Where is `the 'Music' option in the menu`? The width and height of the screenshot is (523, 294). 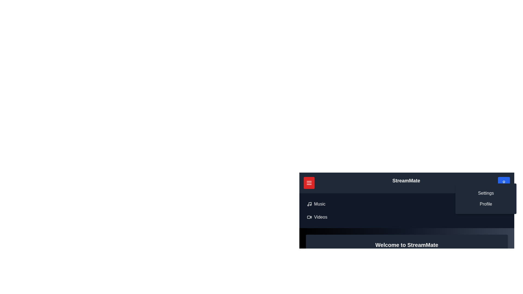
the 'Music' option in the menu is located at coordinates (309, 204).